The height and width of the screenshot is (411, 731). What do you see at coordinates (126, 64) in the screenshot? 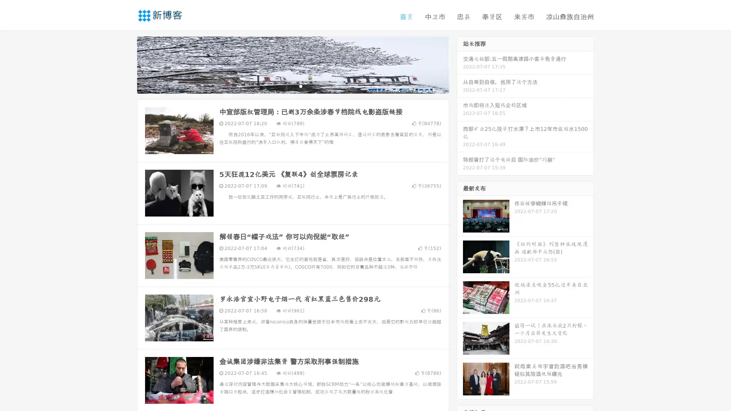
I see `Previous slide` at bounding box center [126, 64].